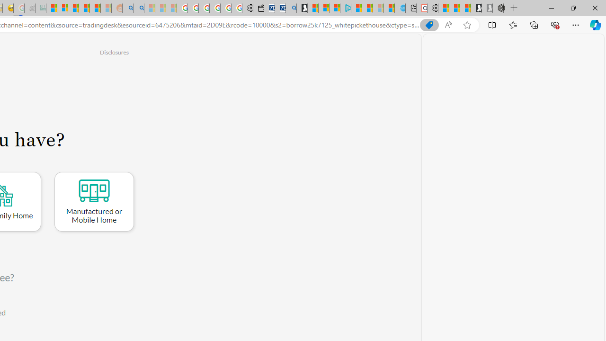  I want to click on 'Wallet', so click(258, 8).